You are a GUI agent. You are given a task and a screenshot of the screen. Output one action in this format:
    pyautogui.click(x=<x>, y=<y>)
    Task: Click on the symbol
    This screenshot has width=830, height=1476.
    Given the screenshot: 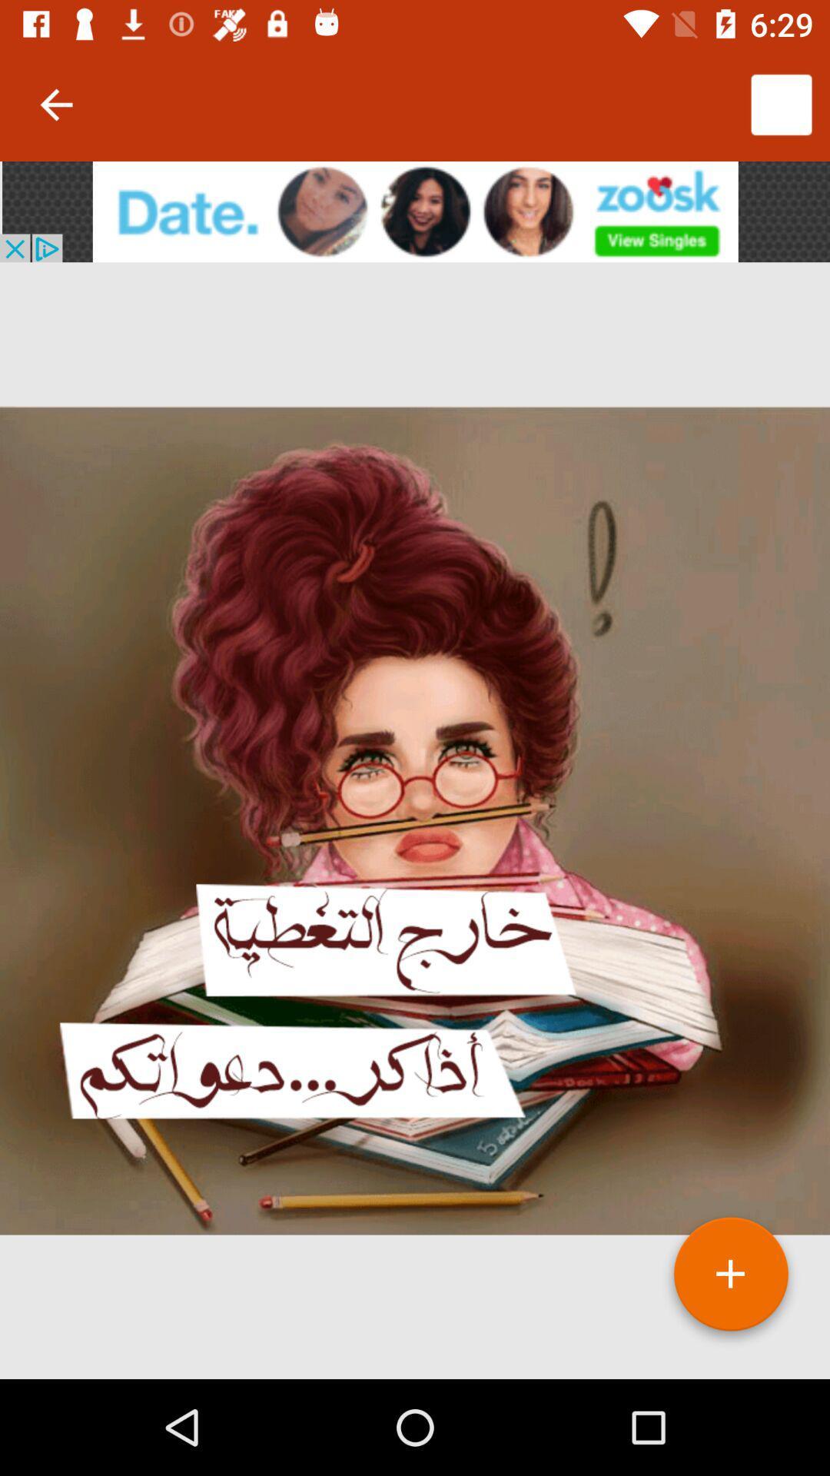 What is the action you would take?
    pyautogui.click(x=730, y=1280)
    